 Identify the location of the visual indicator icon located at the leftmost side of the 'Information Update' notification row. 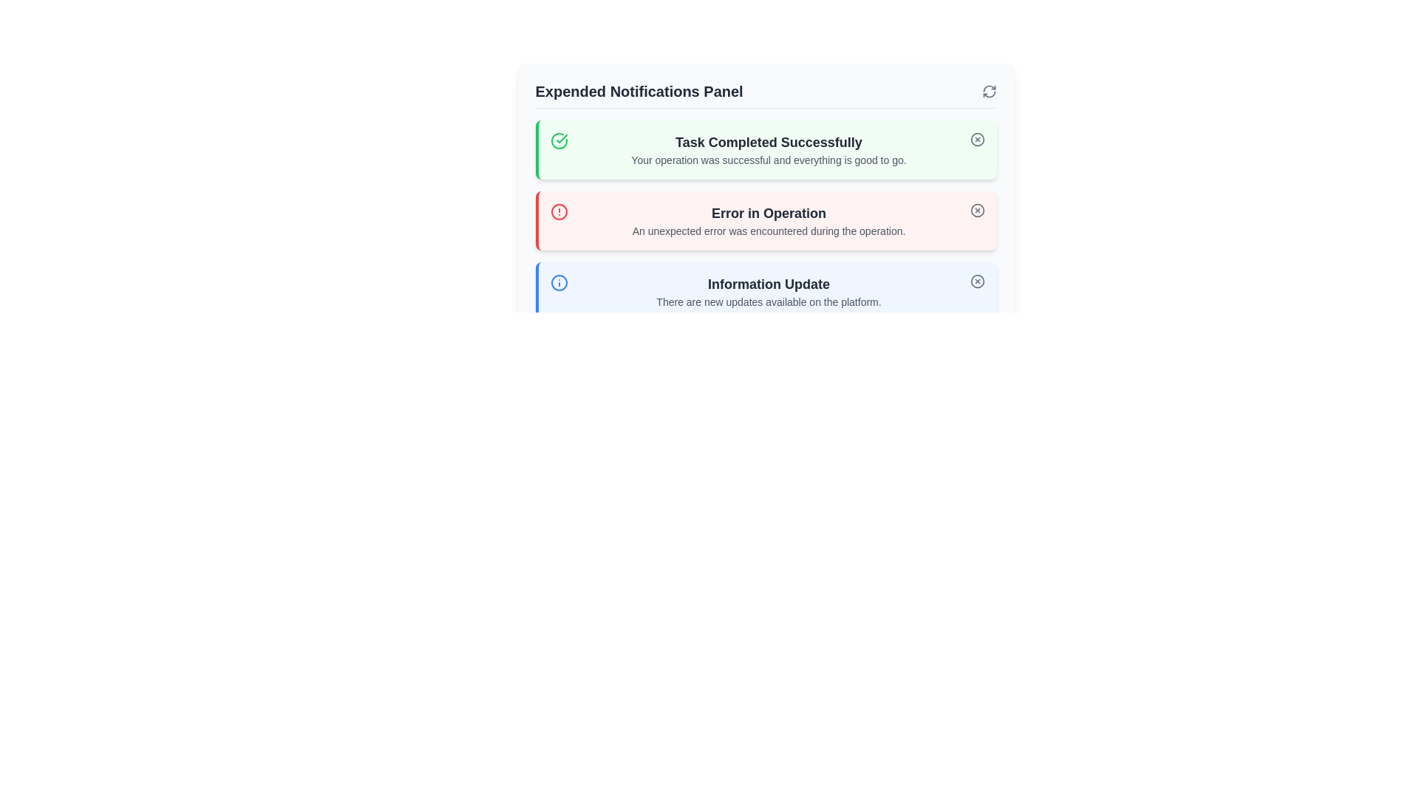
(558, 282).